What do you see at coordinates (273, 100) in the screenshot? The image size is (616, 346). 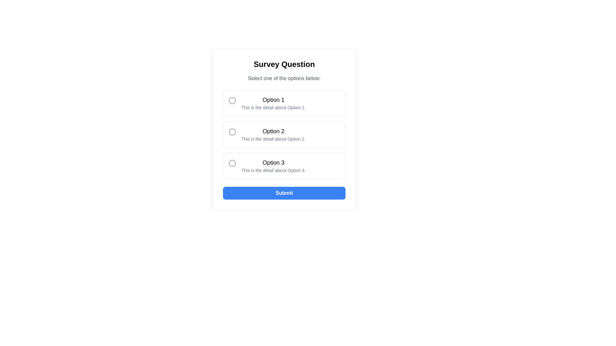 I see `the text label displaying 'Option 1', which is bold and prominent, located at the top of a vertical list of options` at bounding box center [273, 100].